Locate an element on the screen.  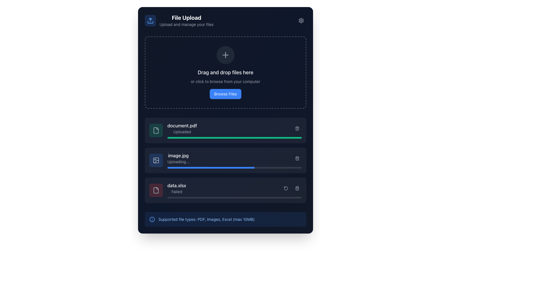
the retry or delete icons associated with the file upload status entry for 'data.xlsx' which shows a status of 'Failed'. This entry is the third in the list of file uploads is located at coordinates (225, 190).